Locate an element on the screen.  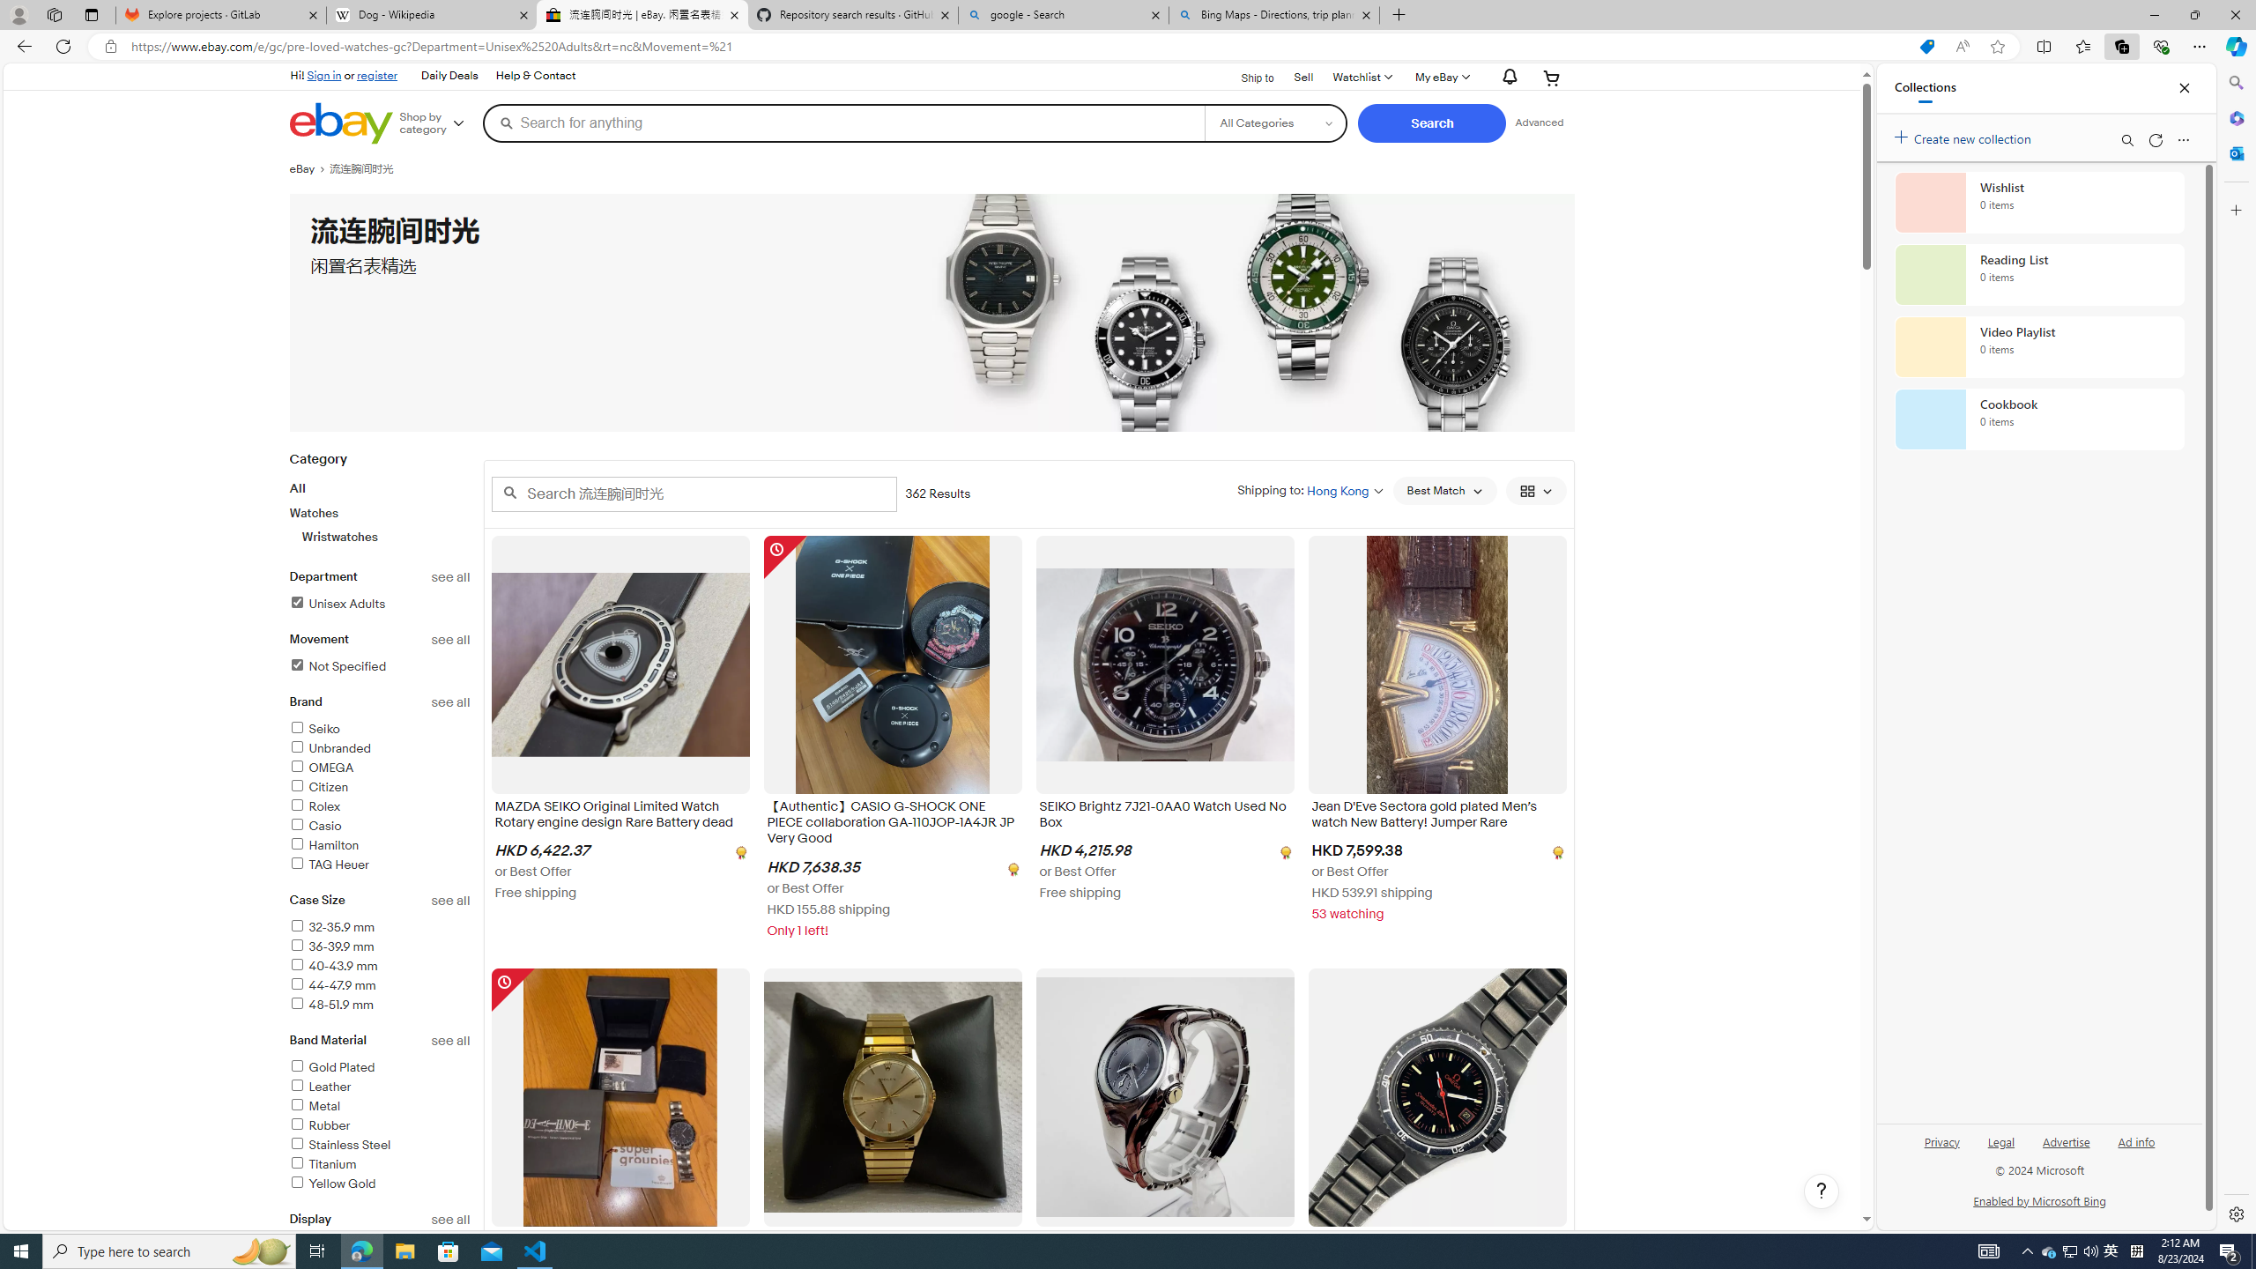
'See all movement refinements' is located at coordinates (450, 639).